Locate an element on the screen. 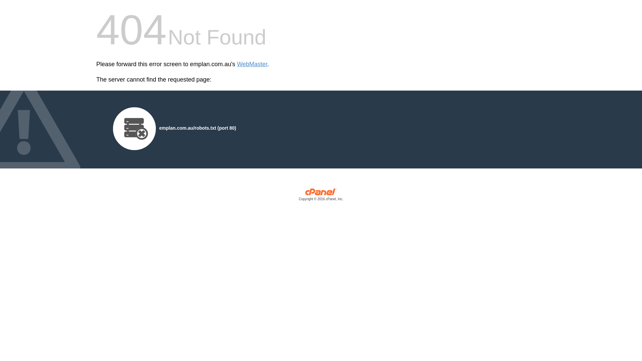 Image resolution: width=642 pixels, height=361 pixels. 'WebMaster' is located at coordinates (252, 64).